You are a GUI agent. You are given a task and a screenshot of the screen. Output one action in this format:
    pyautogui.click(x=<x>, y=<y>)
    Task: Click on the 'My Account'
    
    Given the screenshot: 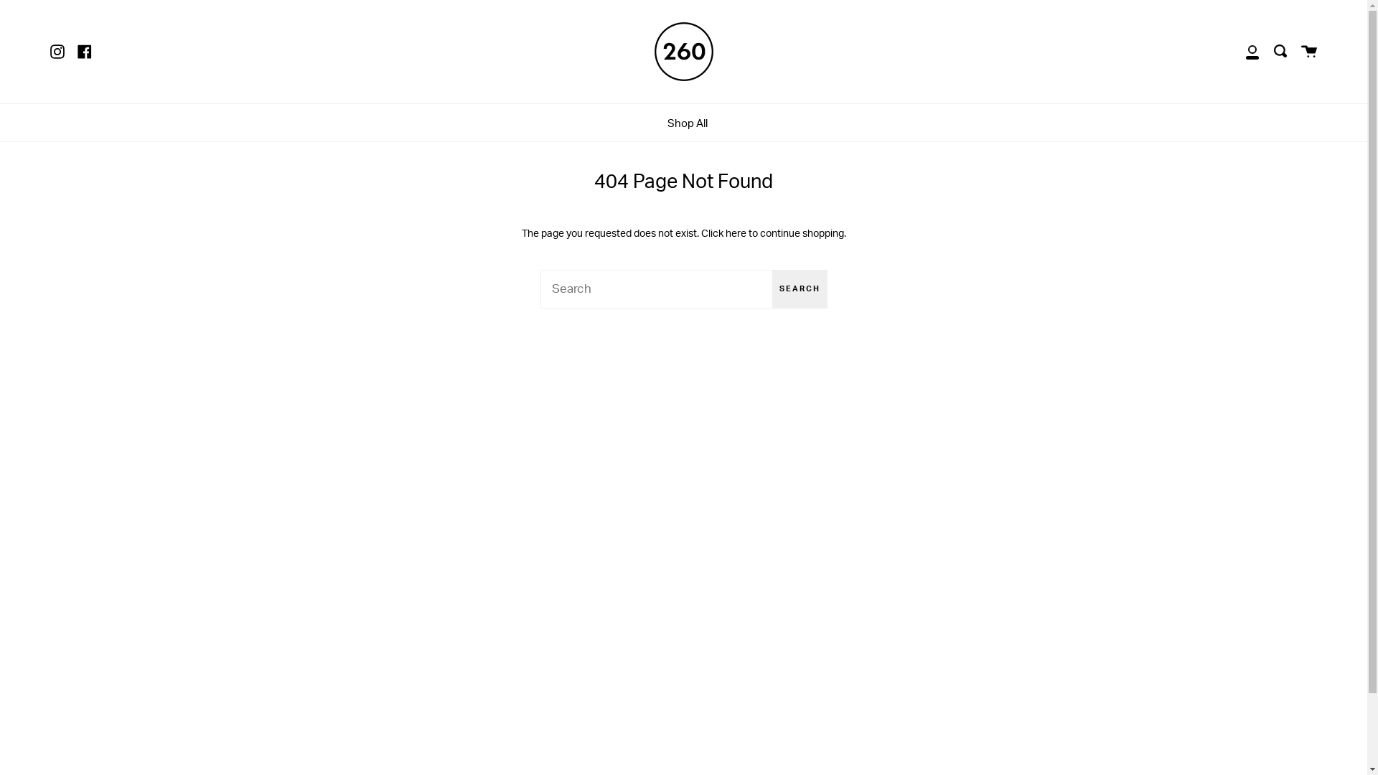 What is the action you would take?
    pyautogui.click(x=1252, y=51)
    